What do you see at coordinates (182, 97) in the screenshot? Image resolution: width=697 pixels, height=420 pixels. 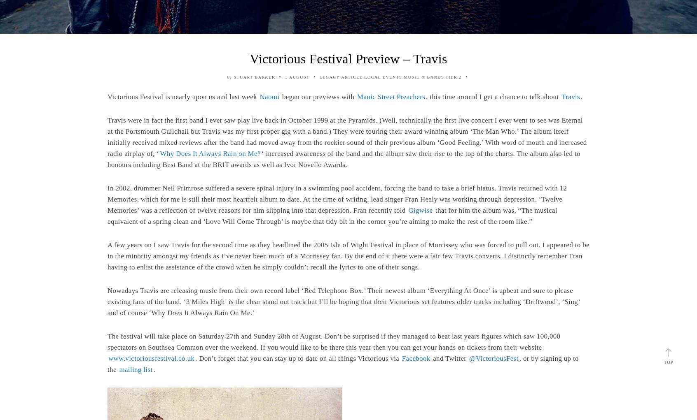 I see `'Victorious Festival is nearly upon us and last week'` at bounding box center [182, 97].